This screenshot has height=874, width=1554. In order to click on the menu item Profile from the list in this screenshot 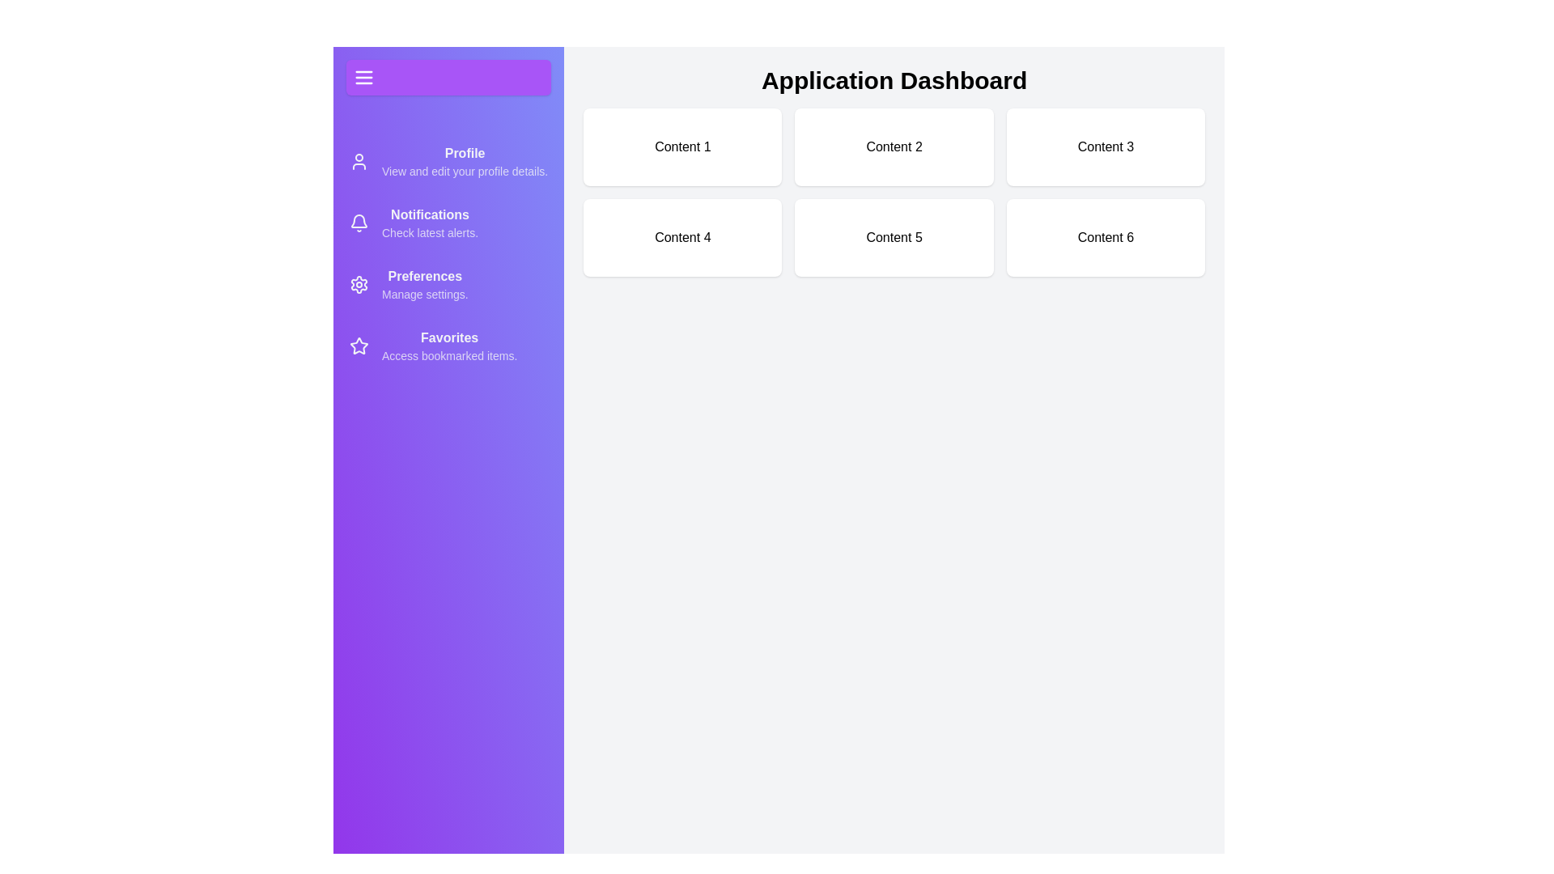, I will do `click(448, 162)`.